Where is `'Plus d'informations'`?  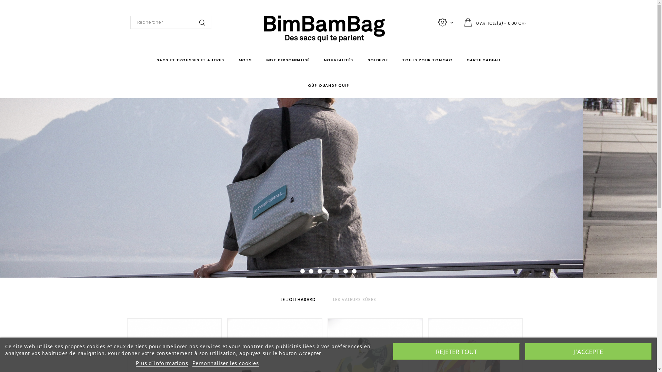
'Plus d'informations' is located at coordinates (161, 363).